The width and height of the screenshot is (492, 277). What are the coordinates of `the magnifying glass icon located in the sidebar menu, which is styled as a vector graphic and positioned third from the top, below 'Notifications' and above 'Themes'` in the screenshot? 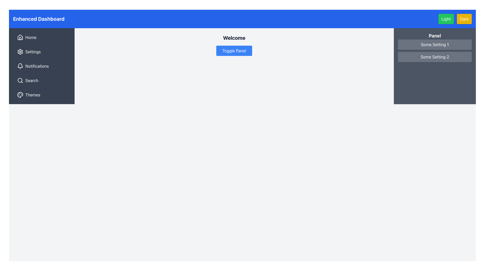 It's located at (20, 80).